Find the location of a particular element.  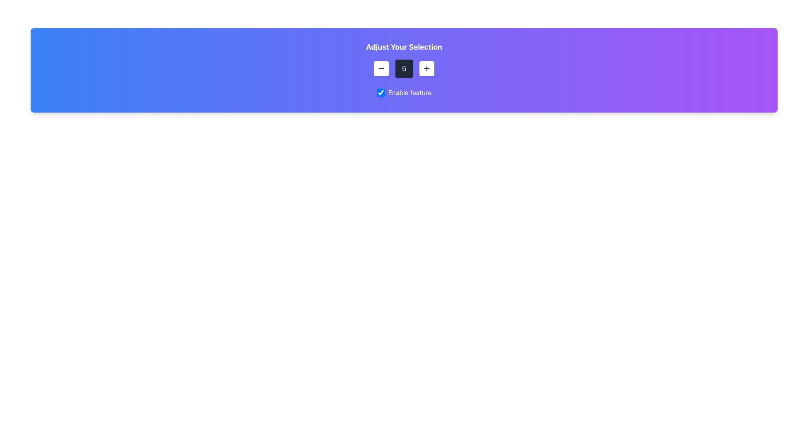

the static text element displaying the number '5', which is centrally positioned among its siblings in the selection adjustment section labeled 'Adjust Your Selection' is located at coordinates (404, 68).